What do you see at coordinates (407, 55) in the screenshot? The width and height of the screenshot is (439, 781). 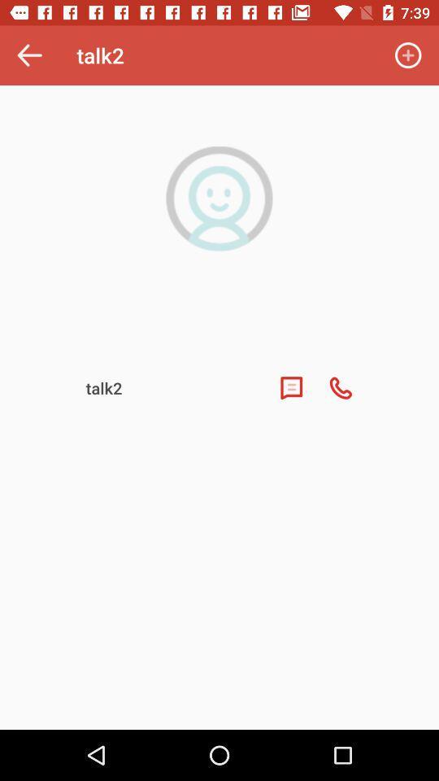 I see `icon next to talk2` at bounding box center [407, 55].